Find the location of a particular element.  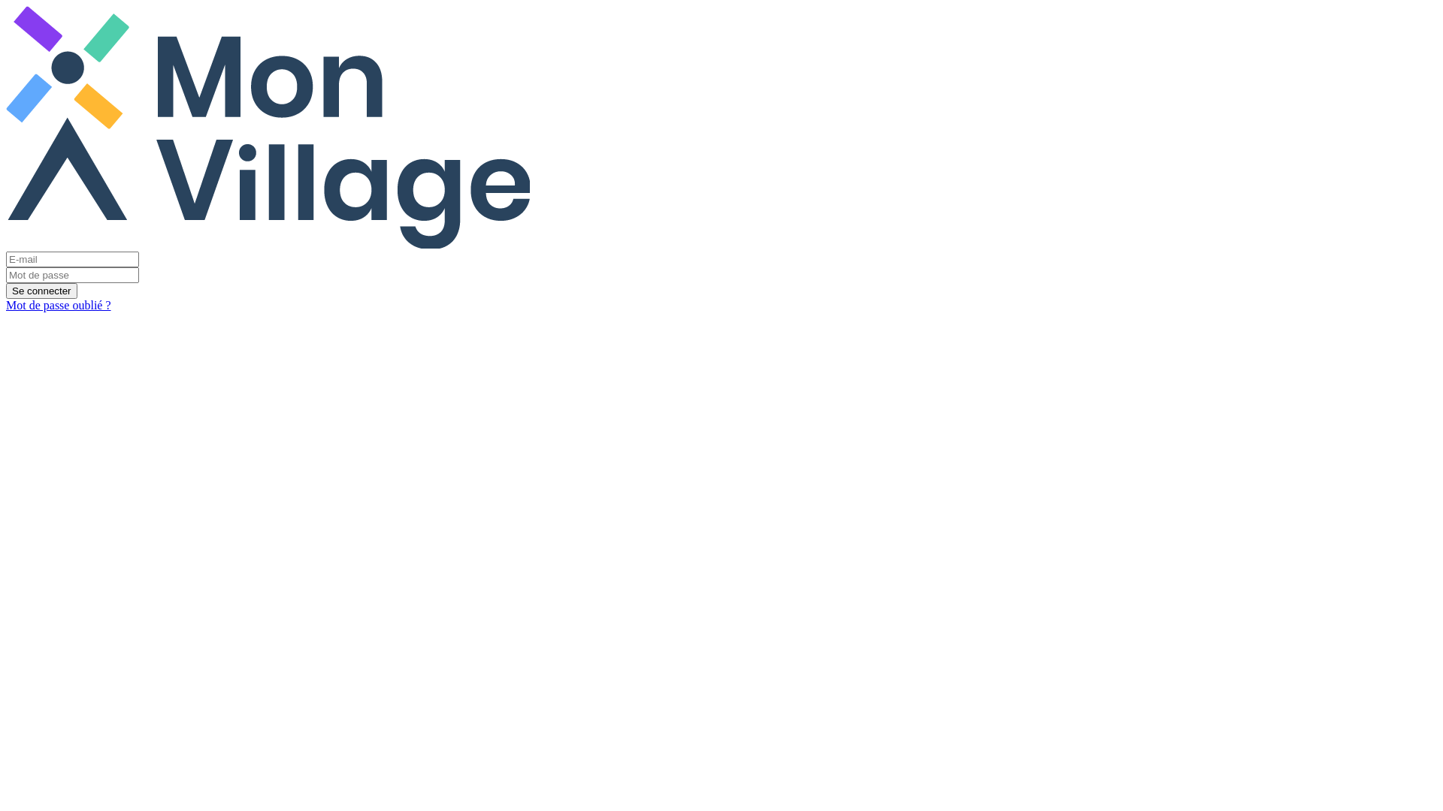

'Se connecter' is located at coordinates (41, 291).